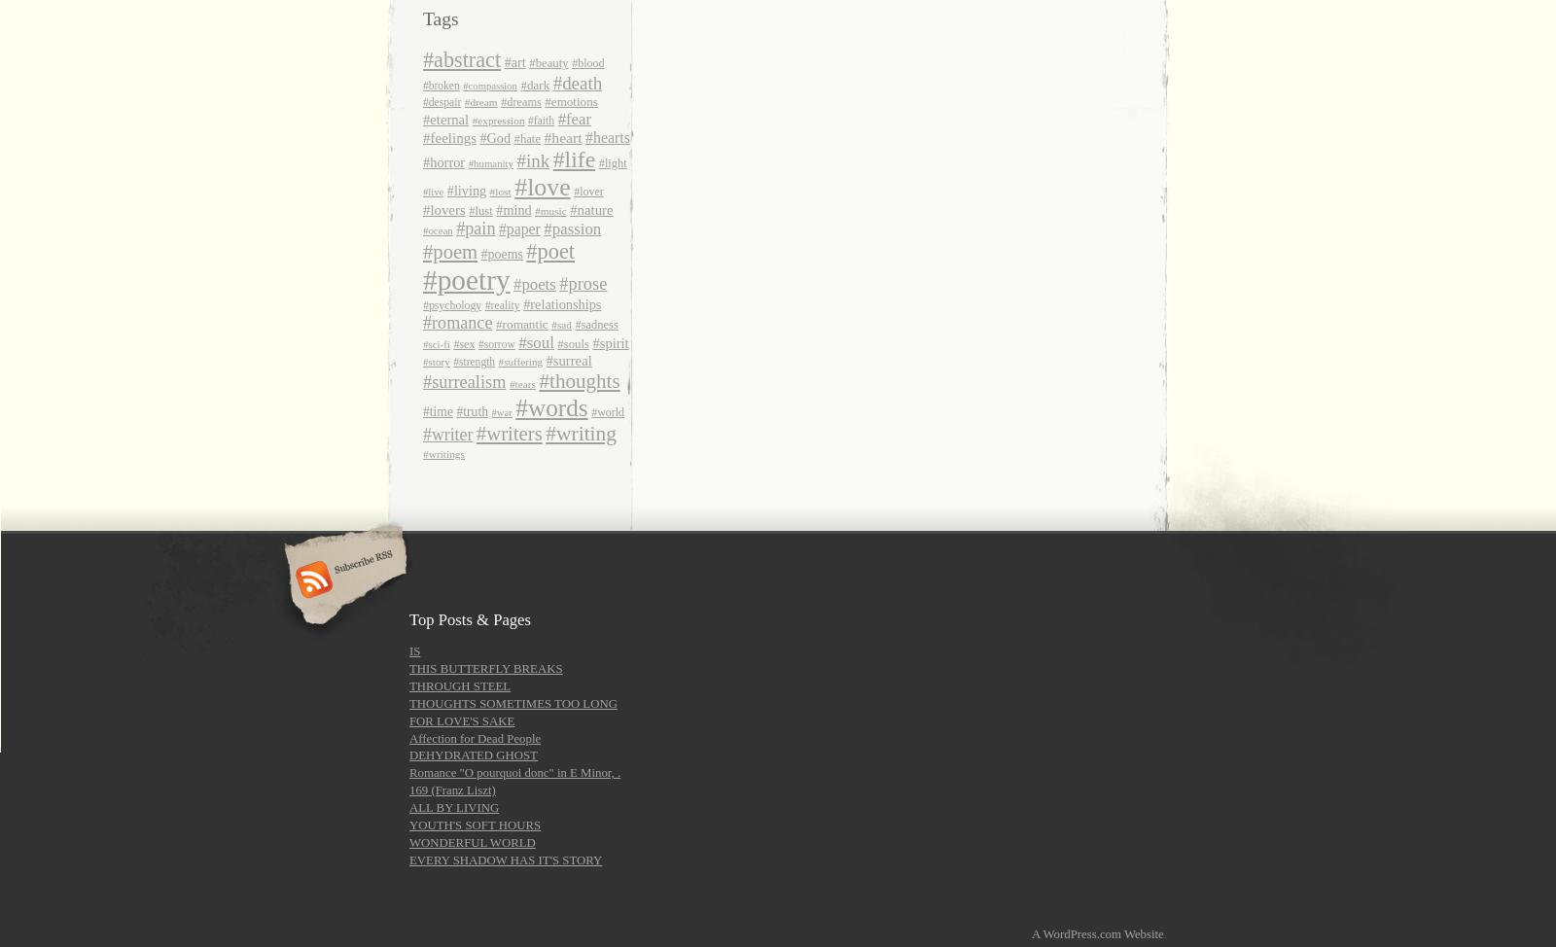  I want to click on 'DEHYDRATED GHOST', so click(472, 754).